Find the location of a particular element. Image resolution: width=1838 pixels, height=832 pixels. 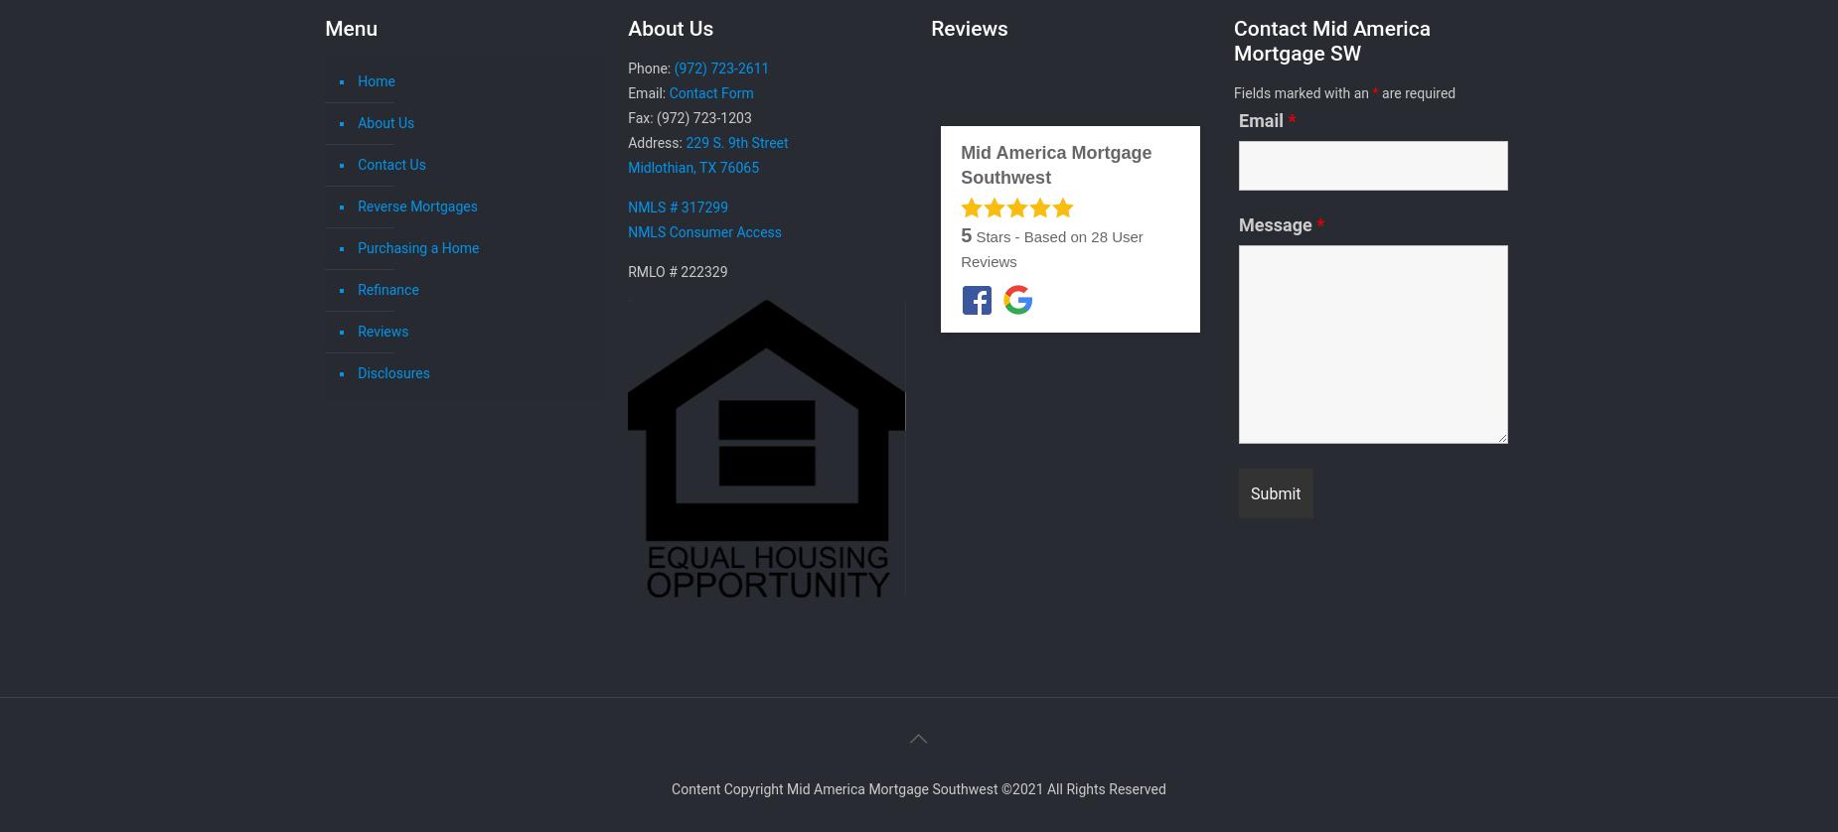

'5' is located at coordinates (965, 233).